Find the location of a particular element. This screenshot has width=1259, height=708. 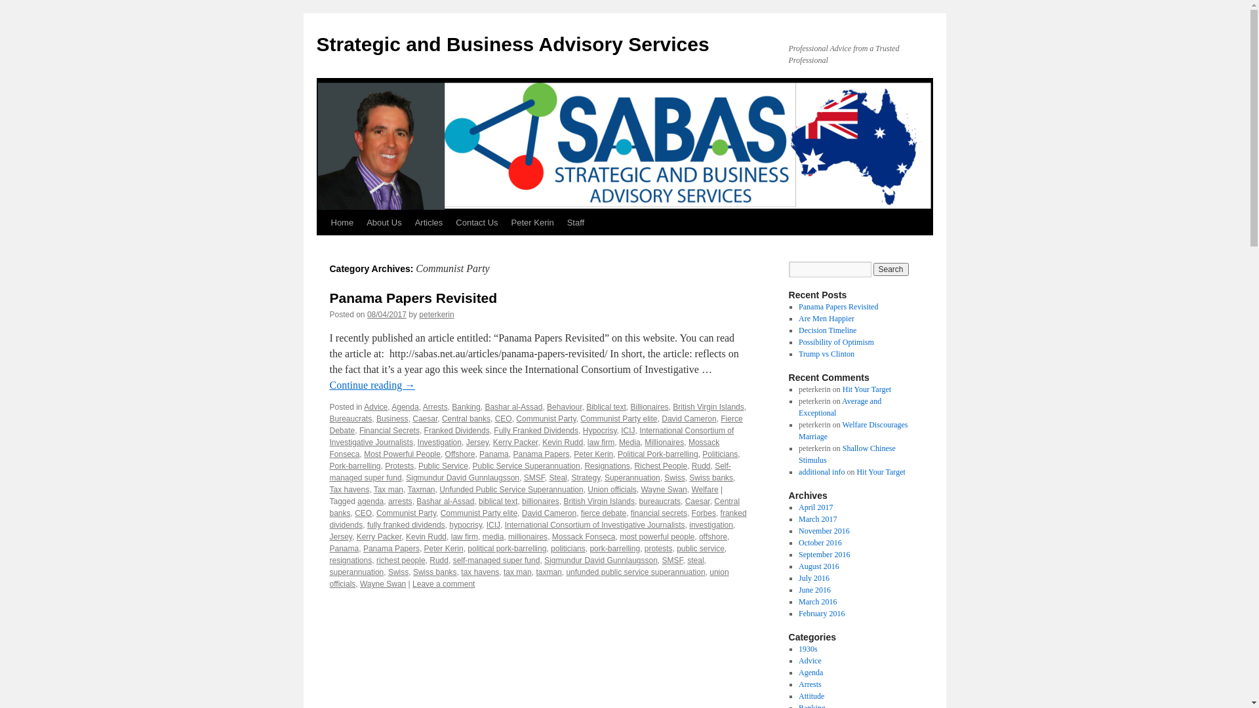

'Offshore' is located at coordinates (445, 454).